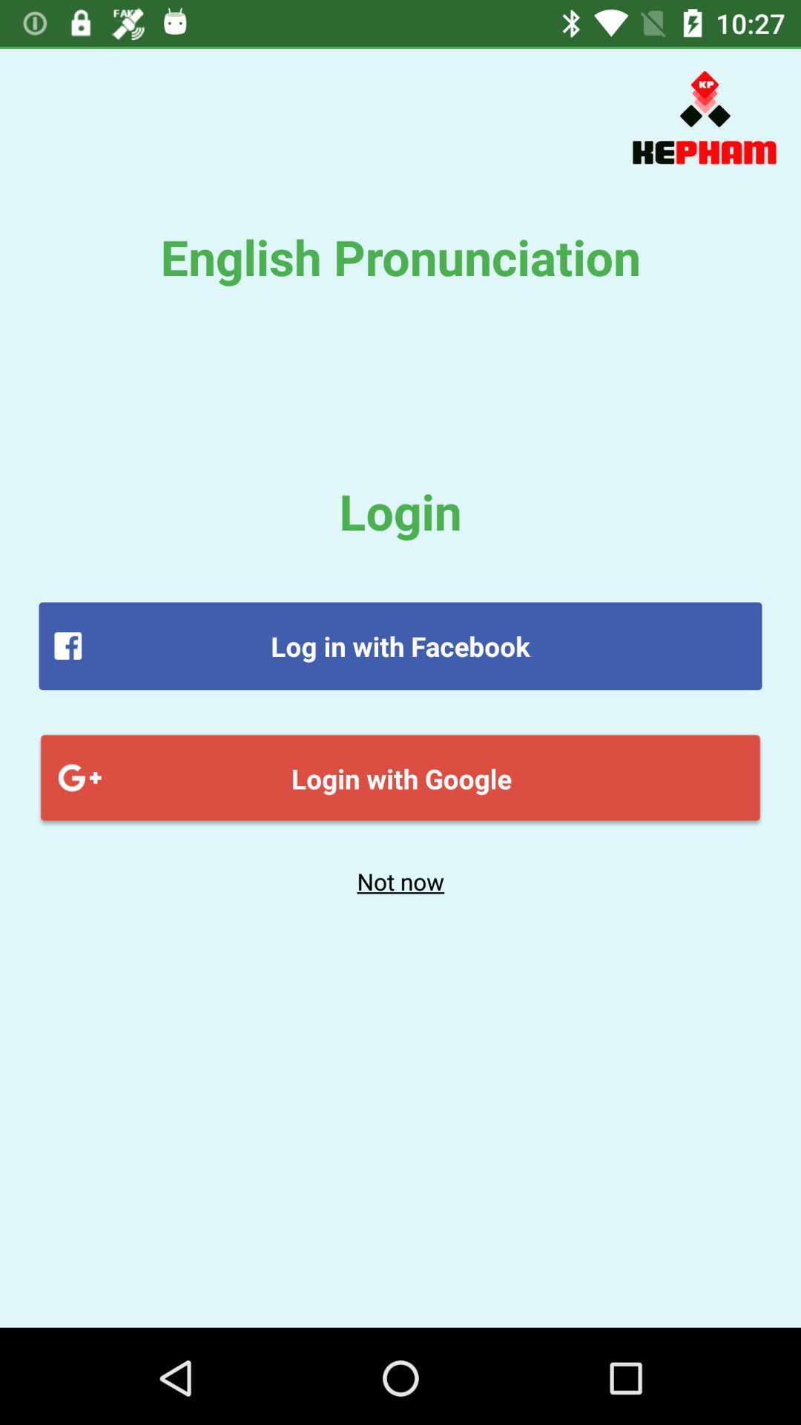  What do you see at coordinates (400, 777) in the screenshot?
I see `the login with google` at bounding box center [400, 777].